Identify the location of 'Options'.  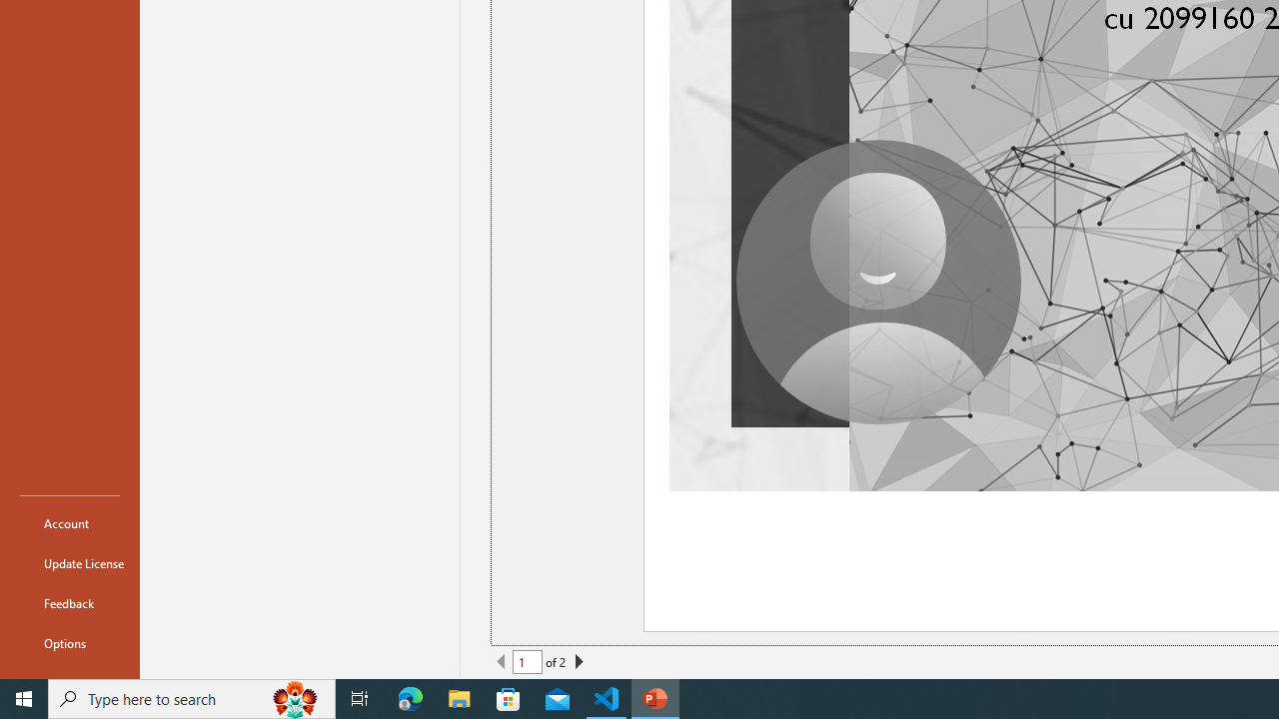
(69, 643).